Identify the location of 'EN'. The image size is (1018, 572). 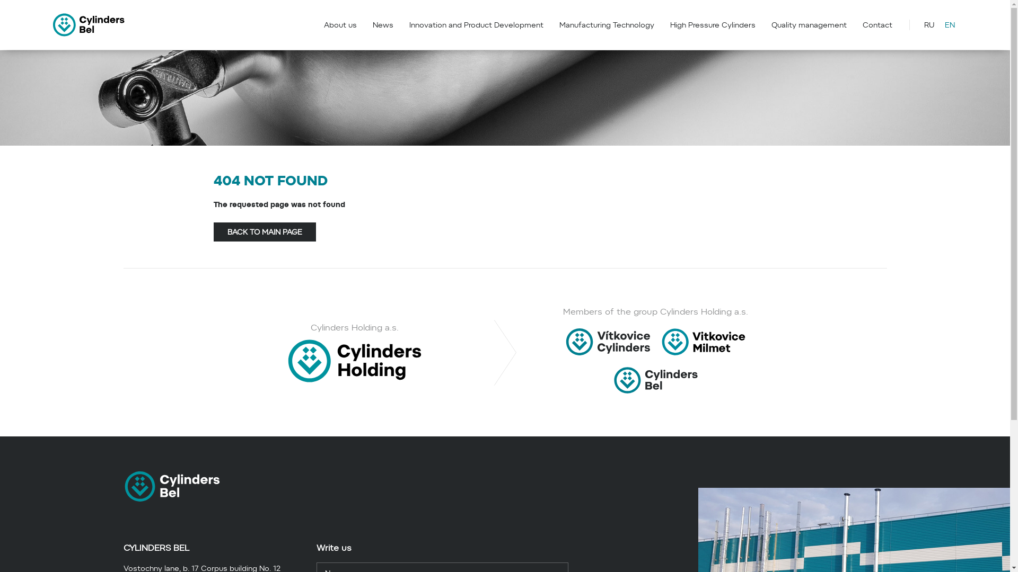
(941, 24).